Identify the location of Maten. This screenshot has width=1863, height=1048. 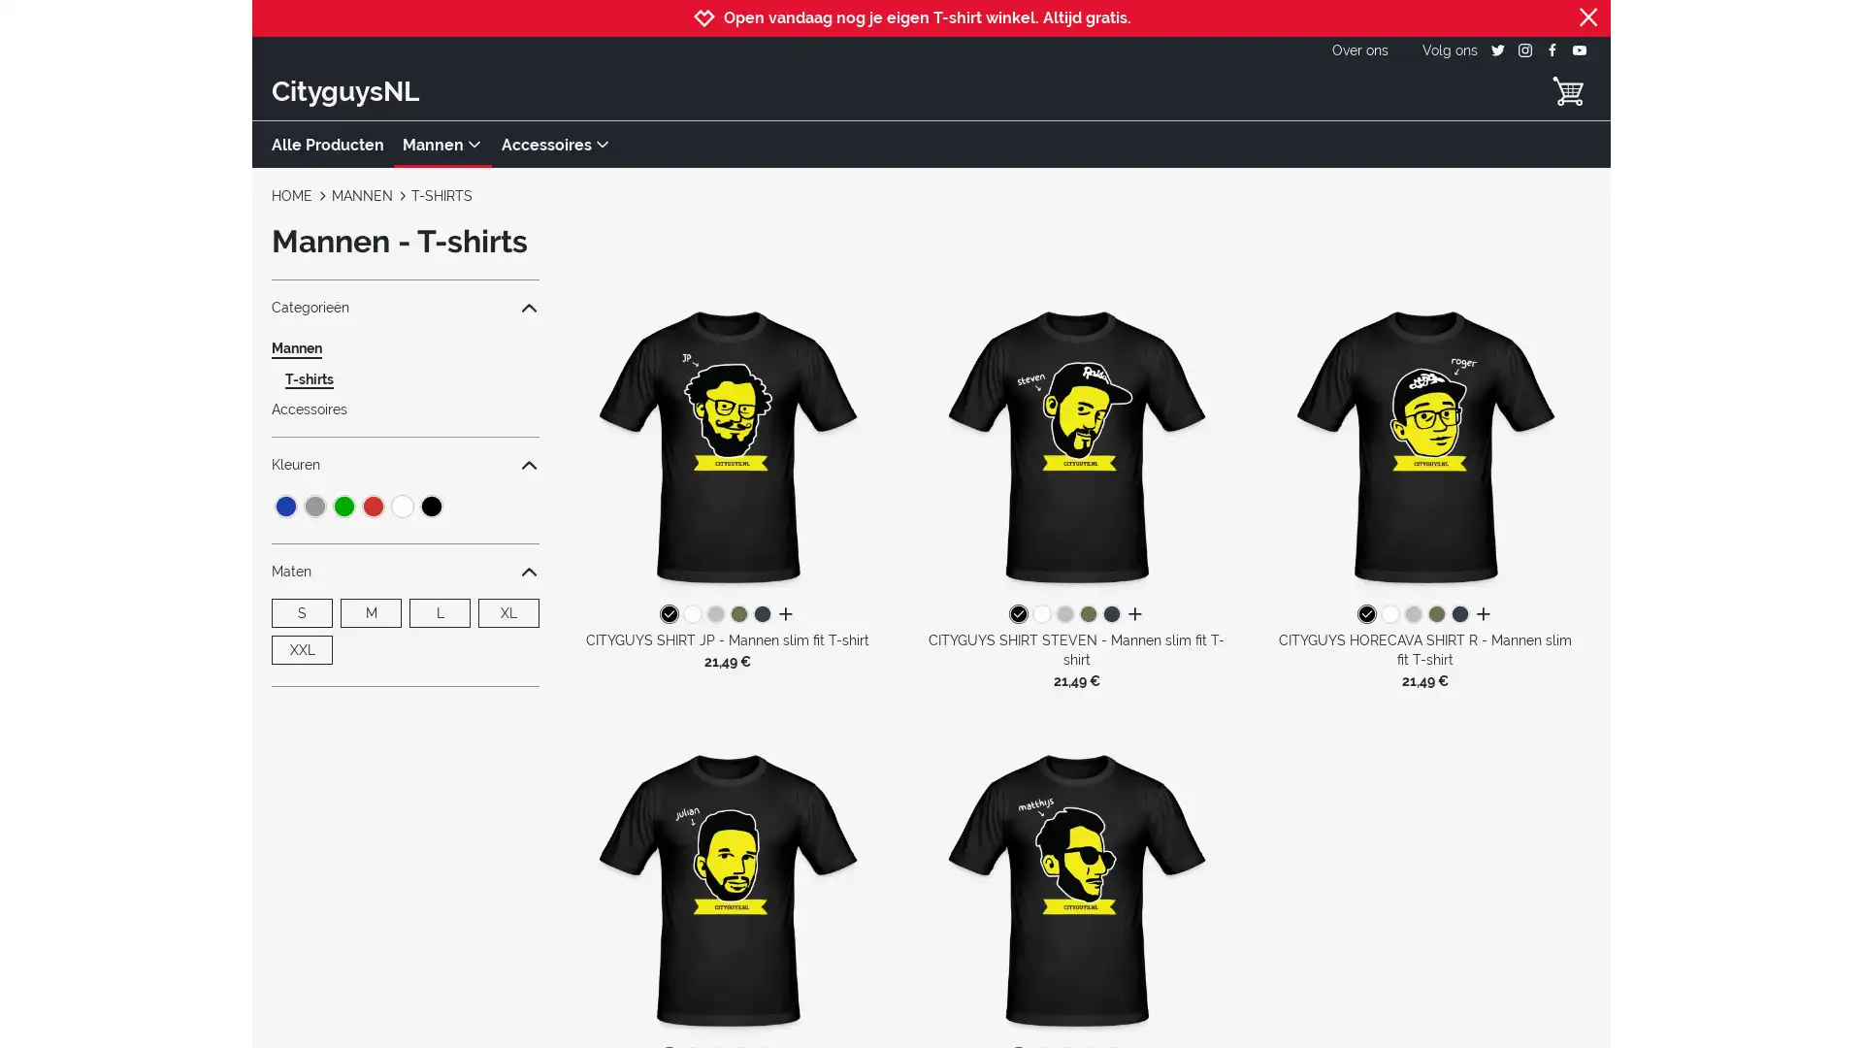
(404, 571).